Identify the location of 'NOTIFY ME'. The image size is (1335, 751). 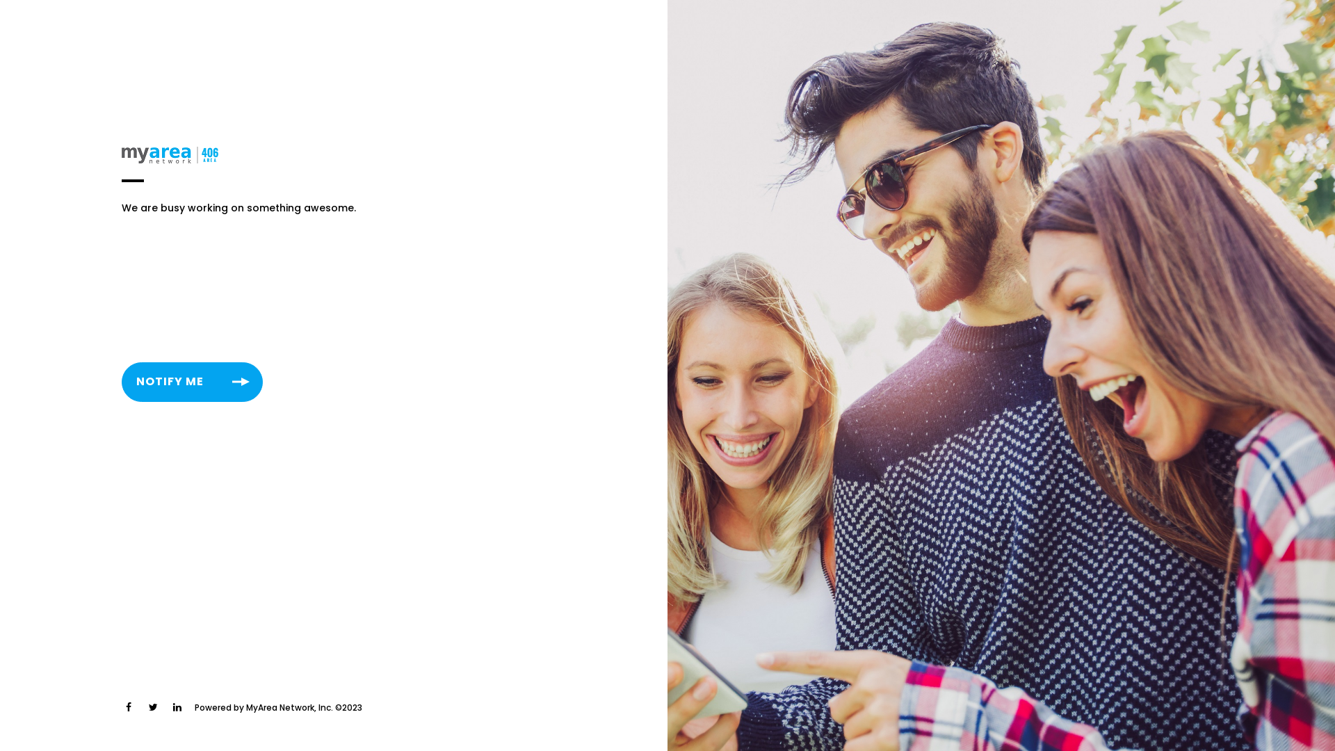
(121, 382).